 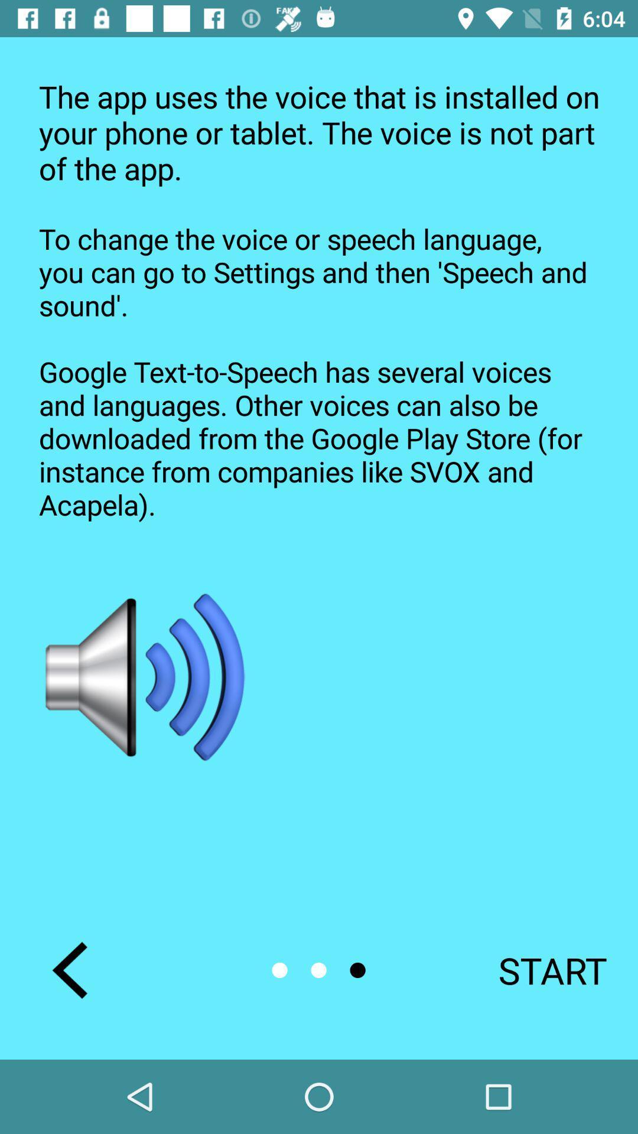 I want to click on the start at the bottom right corner, so click(x=537, y=970).